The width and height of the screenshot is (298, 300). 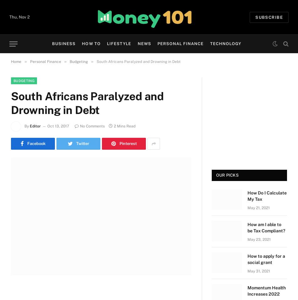 I want to click on 'By', so click(x=24, y=126).